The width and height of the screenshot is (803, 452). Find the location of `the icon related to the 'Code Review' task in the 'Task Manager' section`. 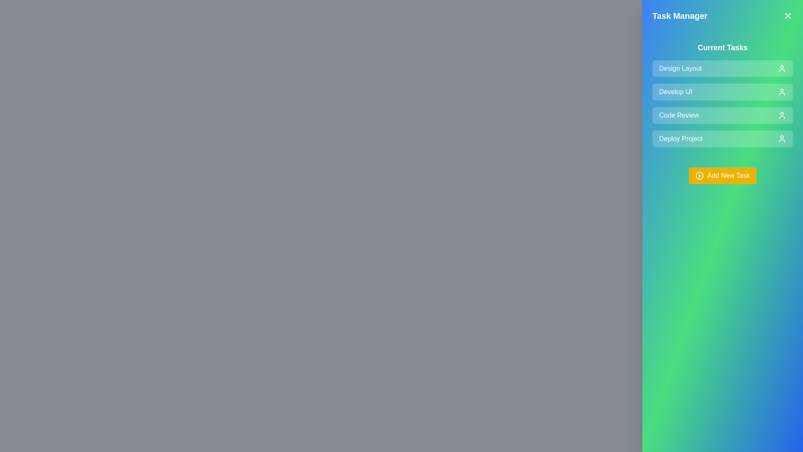

the icon related to the 'Code Review' task in the 'Task Manager' section is located at coordinates (782, 116).